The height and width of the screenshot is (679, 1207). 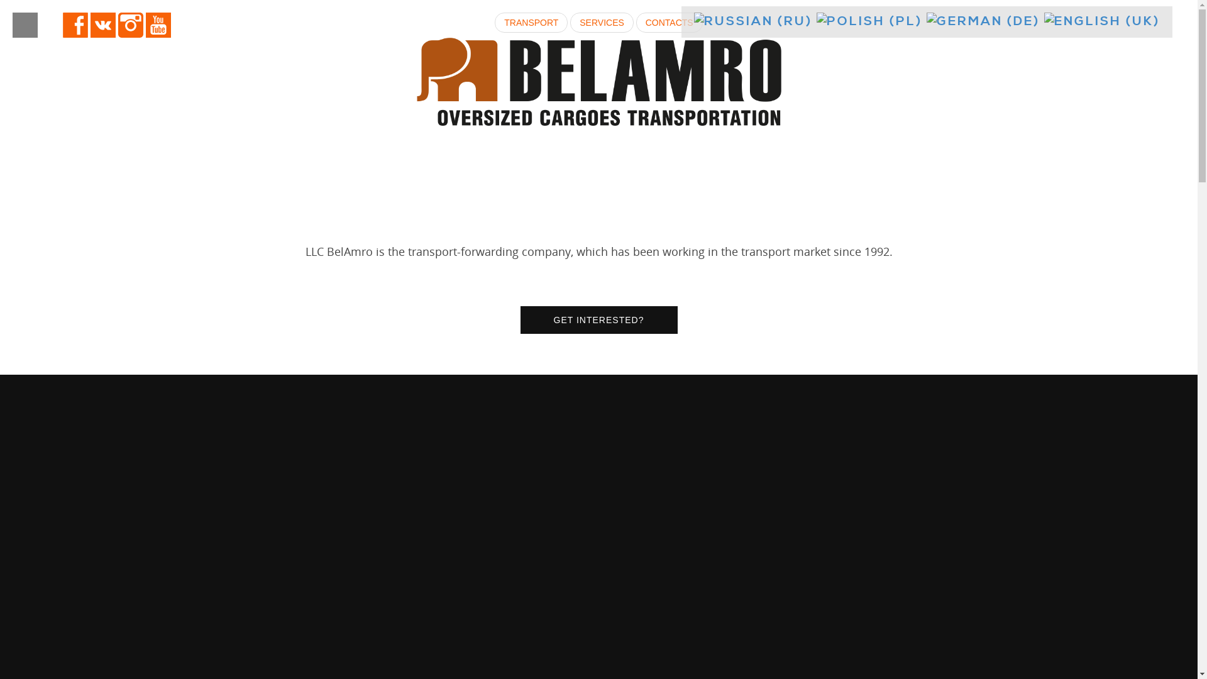 I want to click on 'GET INTERESTED?', so click(x=598, y=319).